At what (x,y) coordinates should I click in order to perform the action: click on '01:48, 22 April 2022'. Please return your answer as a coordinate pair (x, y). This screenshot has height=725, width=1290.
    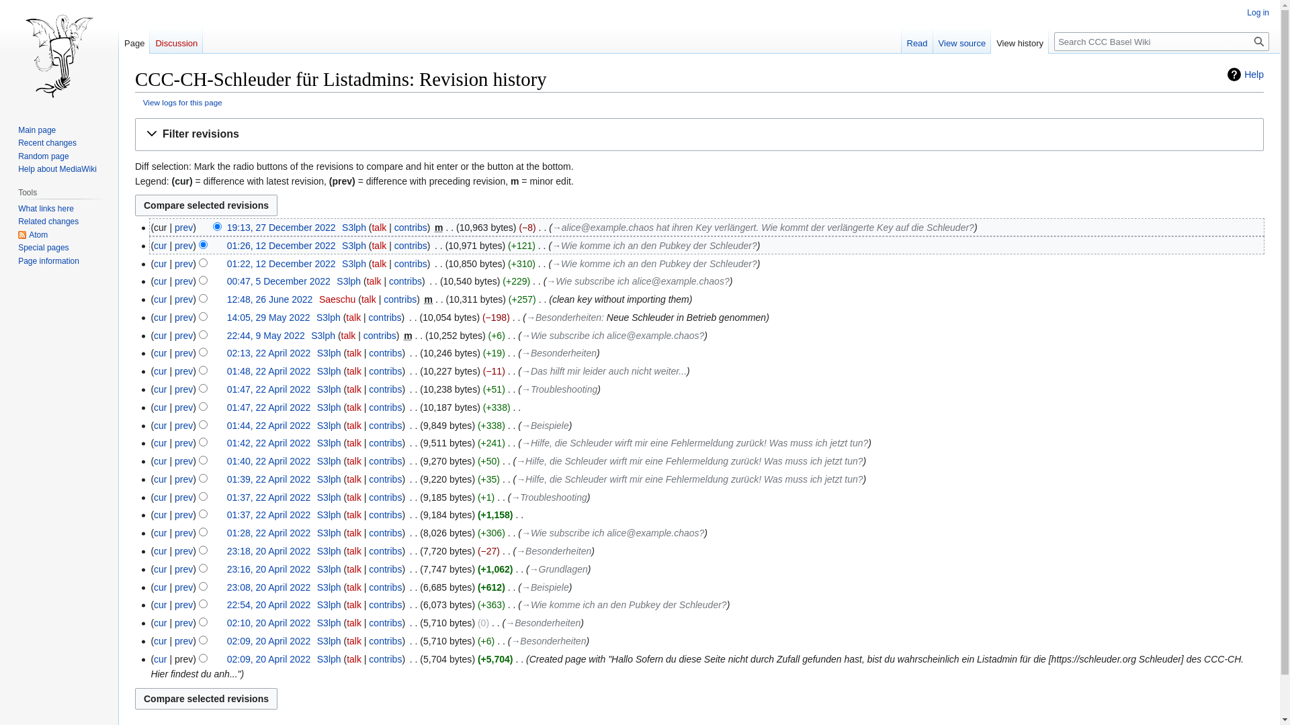
    Looking at the image, I should click on (269, 371).